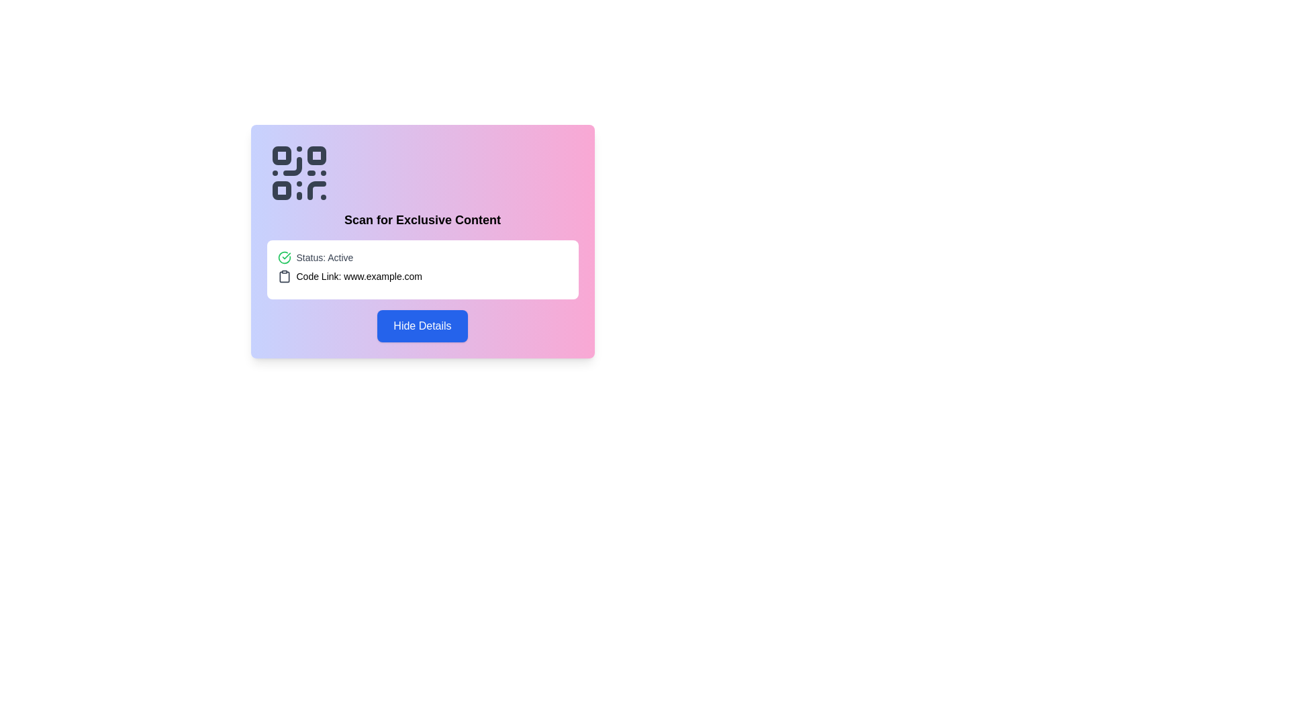 The width and height of the screenshot is (1289, 725). Describe the element at coordinates (281, 191) in the screenshot. I see `the small square with rounded corners located at the bottom-left of the QR code styled design` at that location.